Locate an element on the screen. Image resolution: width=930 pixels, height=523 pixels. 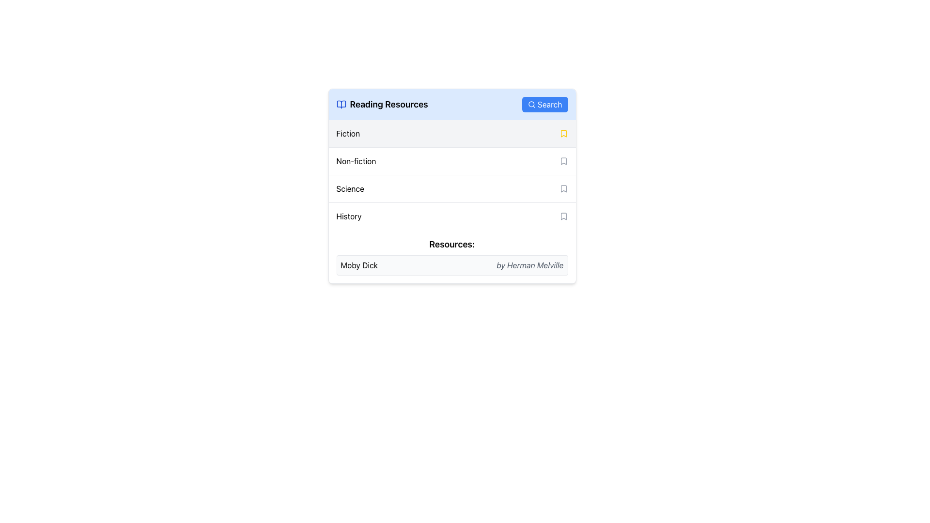
the text component styled in italic with gray color displaying 'by Herman Melville' is located at coordinates (529, 265).